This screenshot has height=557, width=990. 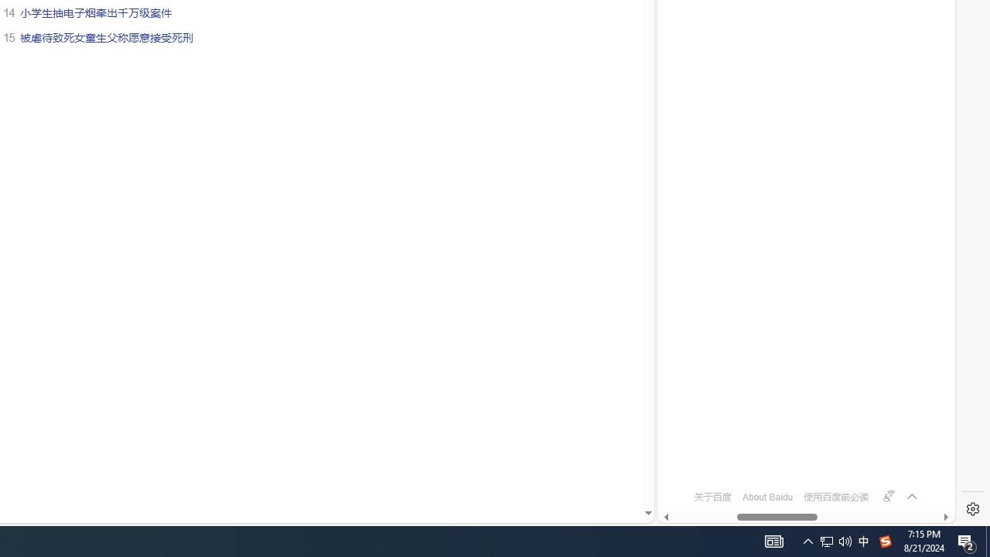 I want to click on 'Global web icon', so click(x=686, y=453).